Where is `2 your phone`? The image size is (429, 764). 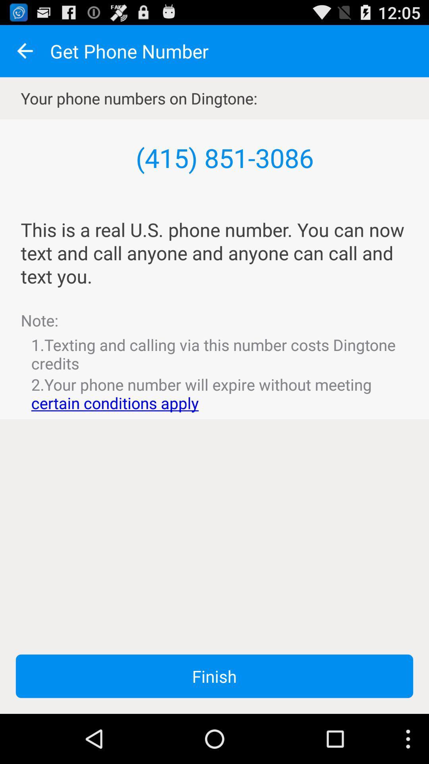
2 your phone is located at coordinates (214, 394).